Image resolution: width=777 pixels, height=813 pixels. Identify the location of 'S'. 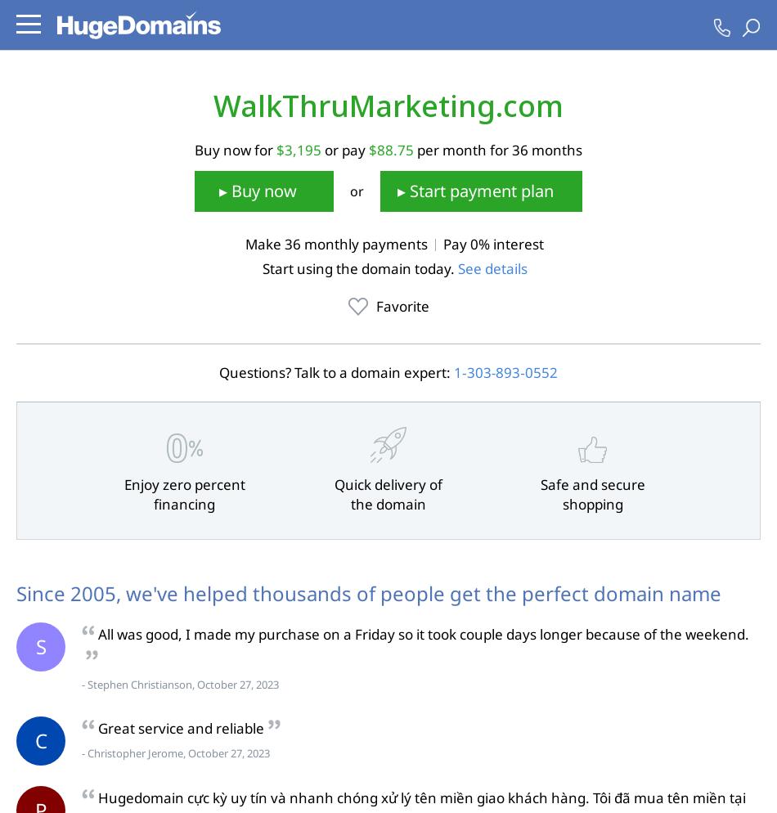
(40, 646).